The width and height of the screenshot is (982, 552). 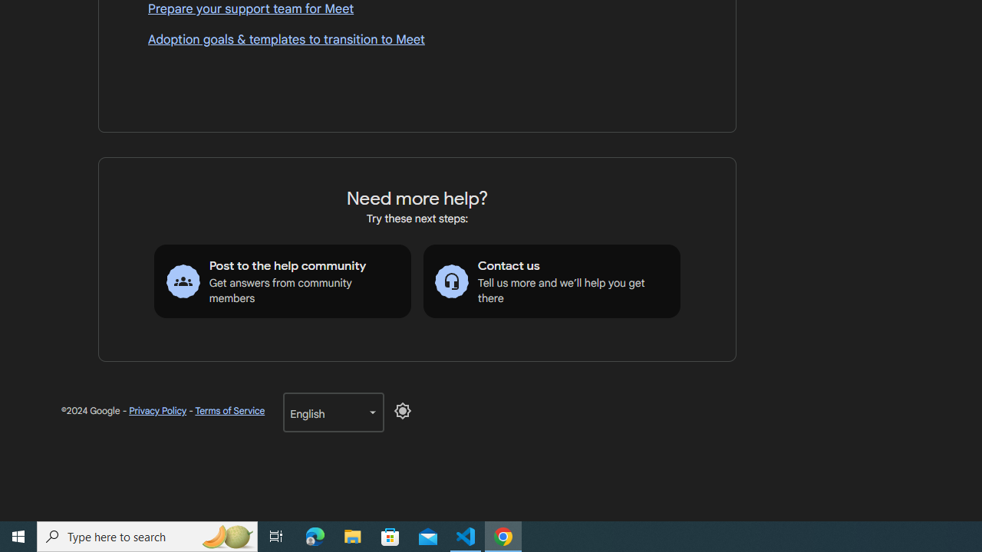 I want to click on 'Terms of Service', so click(x=229, y=410).